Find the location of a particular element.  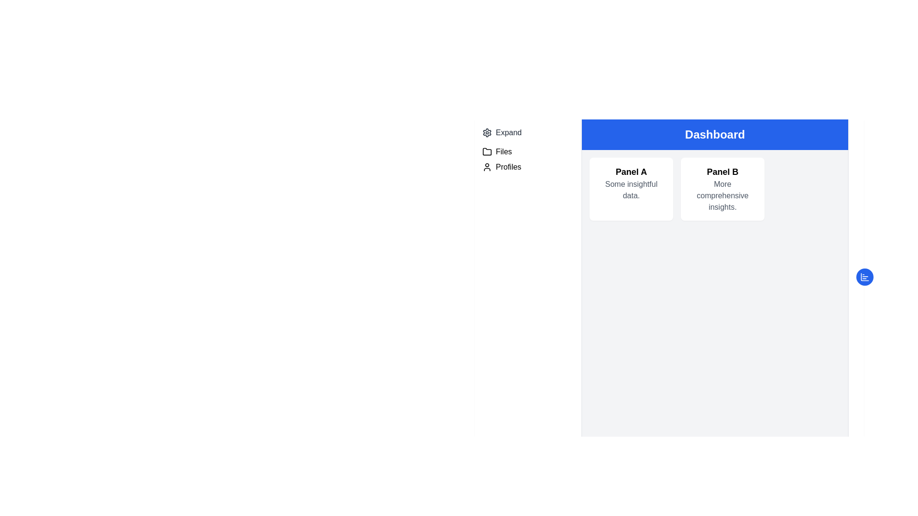

the 'Files' and 'Profiles' icons in the navigation menu is located at coordinates (527, 159).